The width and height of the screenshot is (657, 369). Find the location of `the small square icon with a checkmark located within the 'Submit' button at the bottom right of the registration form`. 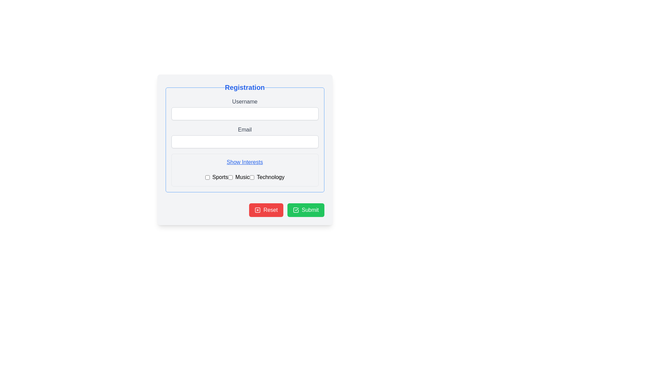

the small square icon with a checkmark located within the 'Submit' button at the bottom right of the registration form is located at coordinates (296, 209).